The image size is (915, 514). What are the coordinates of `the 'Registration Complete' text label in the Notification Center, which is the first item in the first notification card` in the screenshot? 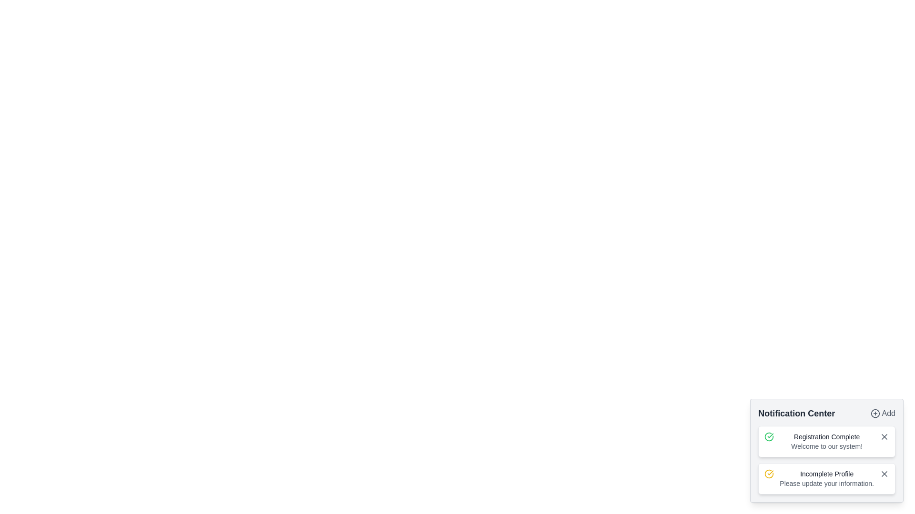 It's located at (826, 437).